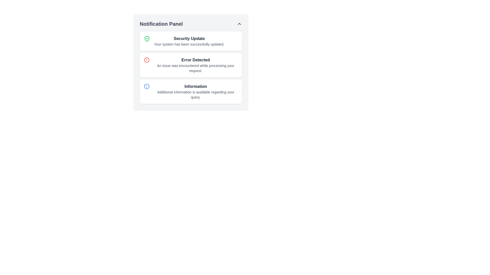 The image size is (490, 275). What do you see at coordinates (195, 91) in the screenshot?
I see `information displayed in the Text block located in the third row under the 'Notification Panel' interface, which provides context about the user's query` at bounding box center [195, 91].